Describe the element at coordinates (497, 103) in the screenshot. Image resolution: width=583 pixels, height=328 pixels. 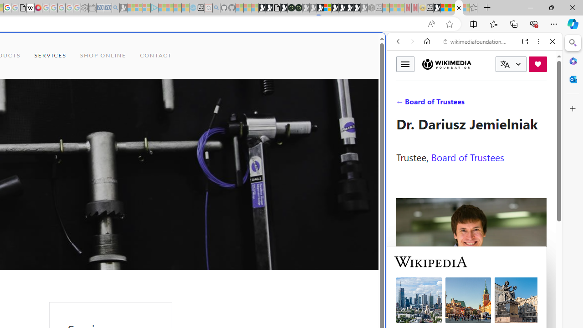
I see `'SEARCH TOOLS'` at that location.